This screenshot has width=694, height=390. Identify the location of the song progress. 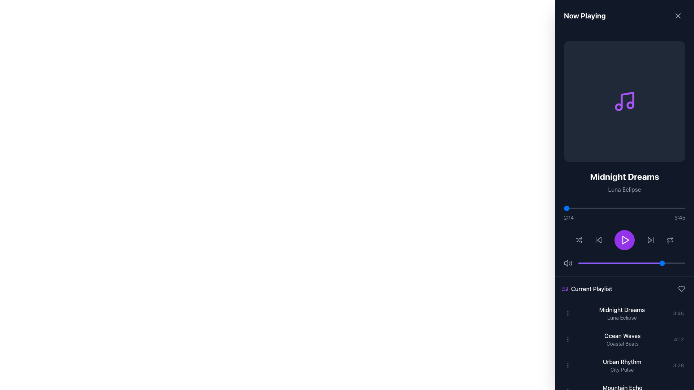
(642, 208).